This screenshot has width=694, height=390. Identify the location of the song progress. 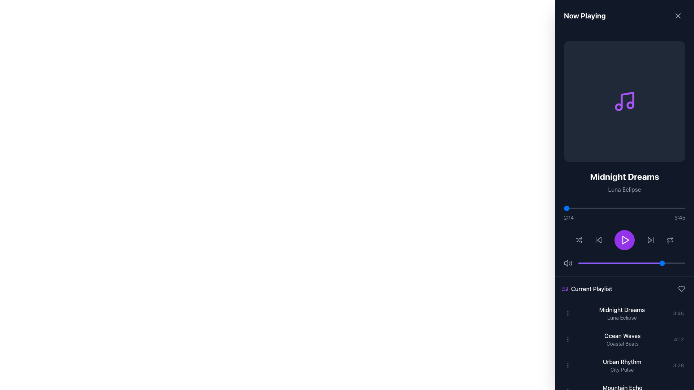
(642, 208).